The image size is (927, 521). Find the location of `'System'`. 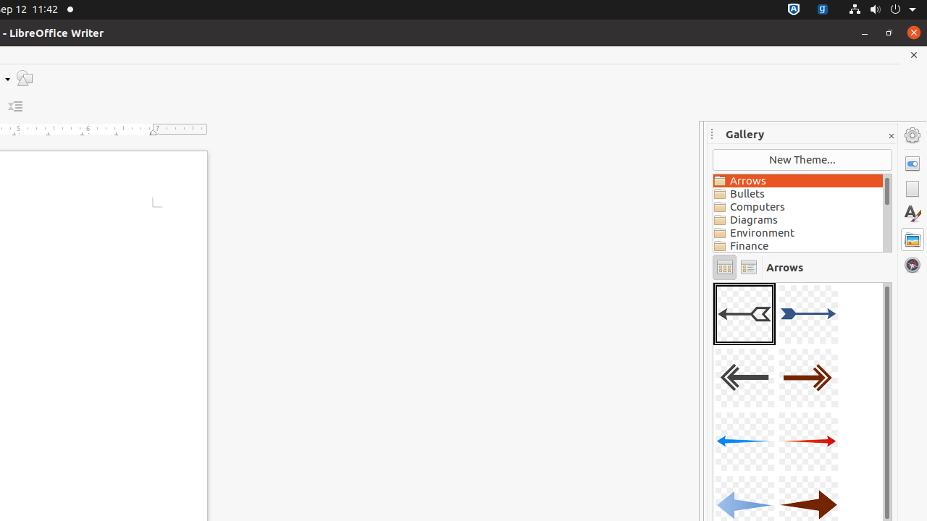

'System' is located at coordinates (881, 9).